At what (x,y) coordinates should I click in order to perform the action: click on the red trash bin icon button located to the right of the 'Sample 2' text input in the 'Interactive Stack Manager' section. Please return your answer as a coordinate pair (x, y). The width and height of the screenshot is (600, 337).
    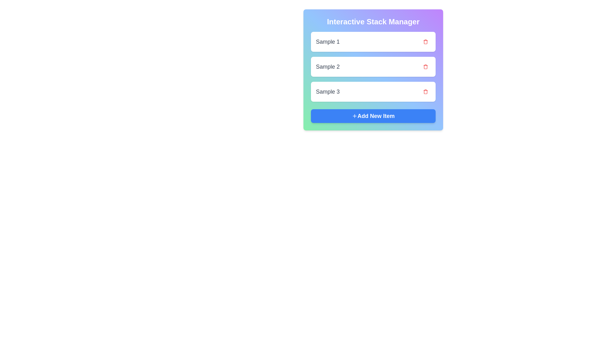
    Looking at the image, I should click on (425, 66).